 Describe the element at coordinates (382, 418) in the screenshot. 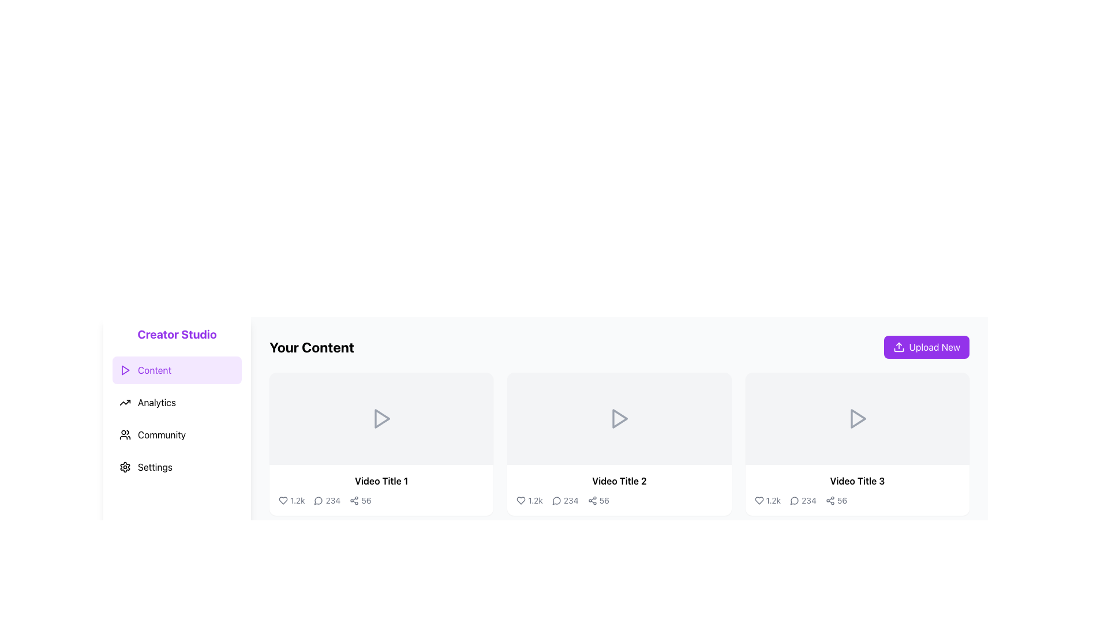

I see `the triangular play icon button, which is styled with a white interior and gray stroke, located at the center of the first video card in the 'Your Content' section` at that location.